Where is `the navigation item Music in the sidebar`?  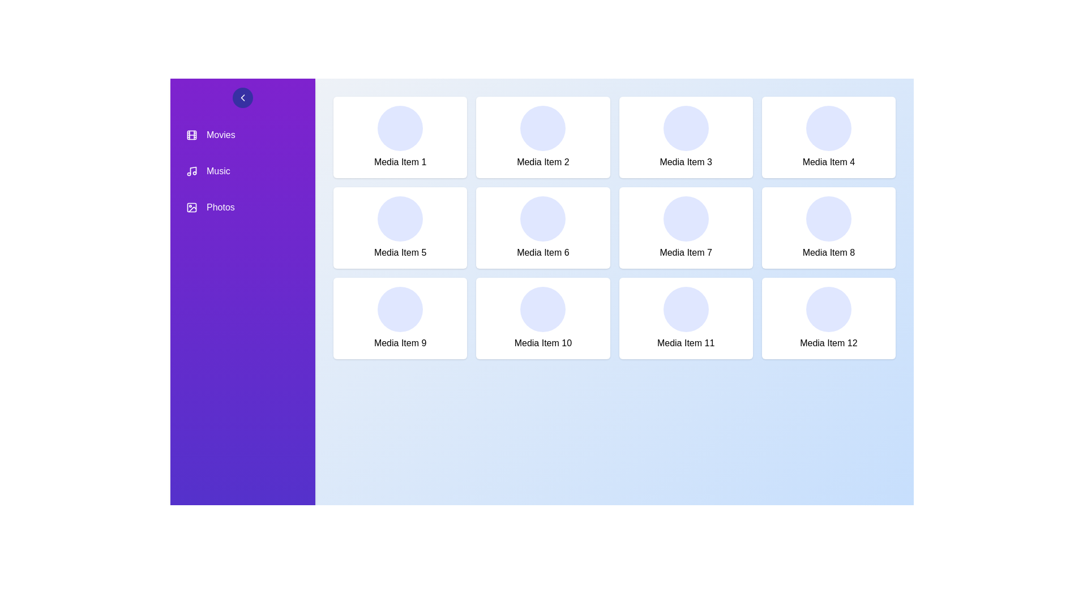 the navigation item Music in the sidebar is located at coordinates (242, 171).